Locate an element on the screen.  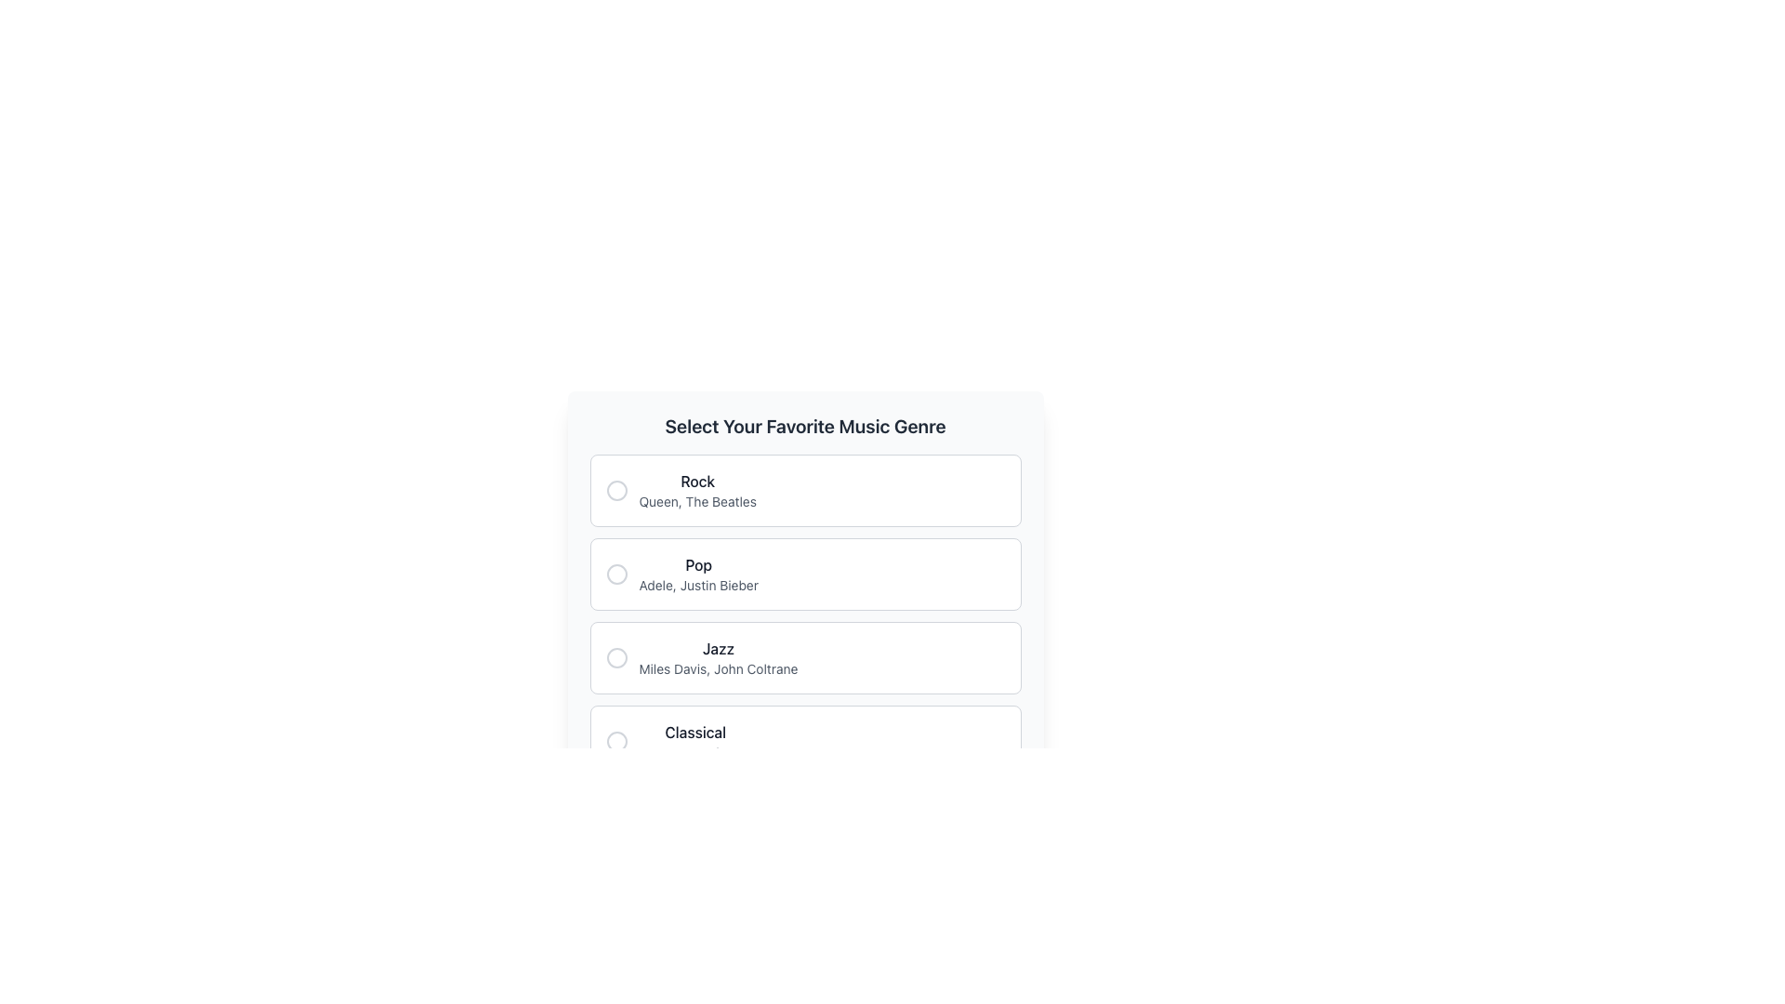
the radio button is located at coordinates (616, 490).